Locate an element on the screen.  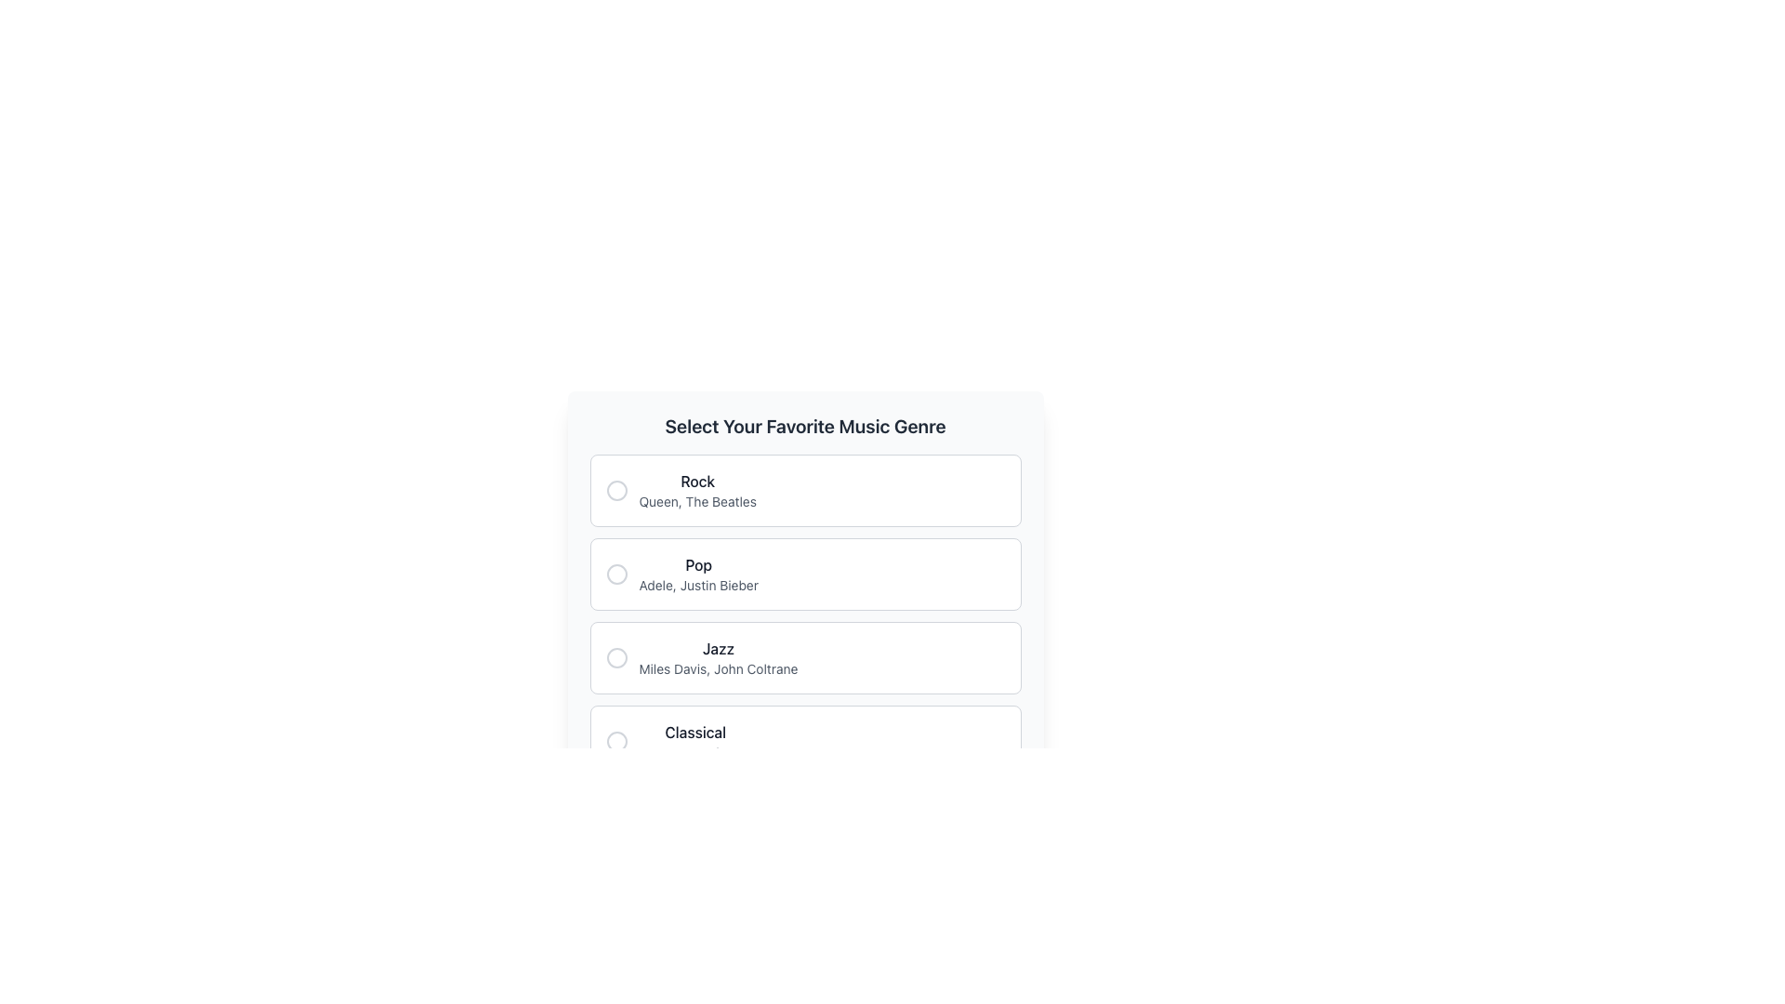
the radio button is located at coordinates (616, 490).